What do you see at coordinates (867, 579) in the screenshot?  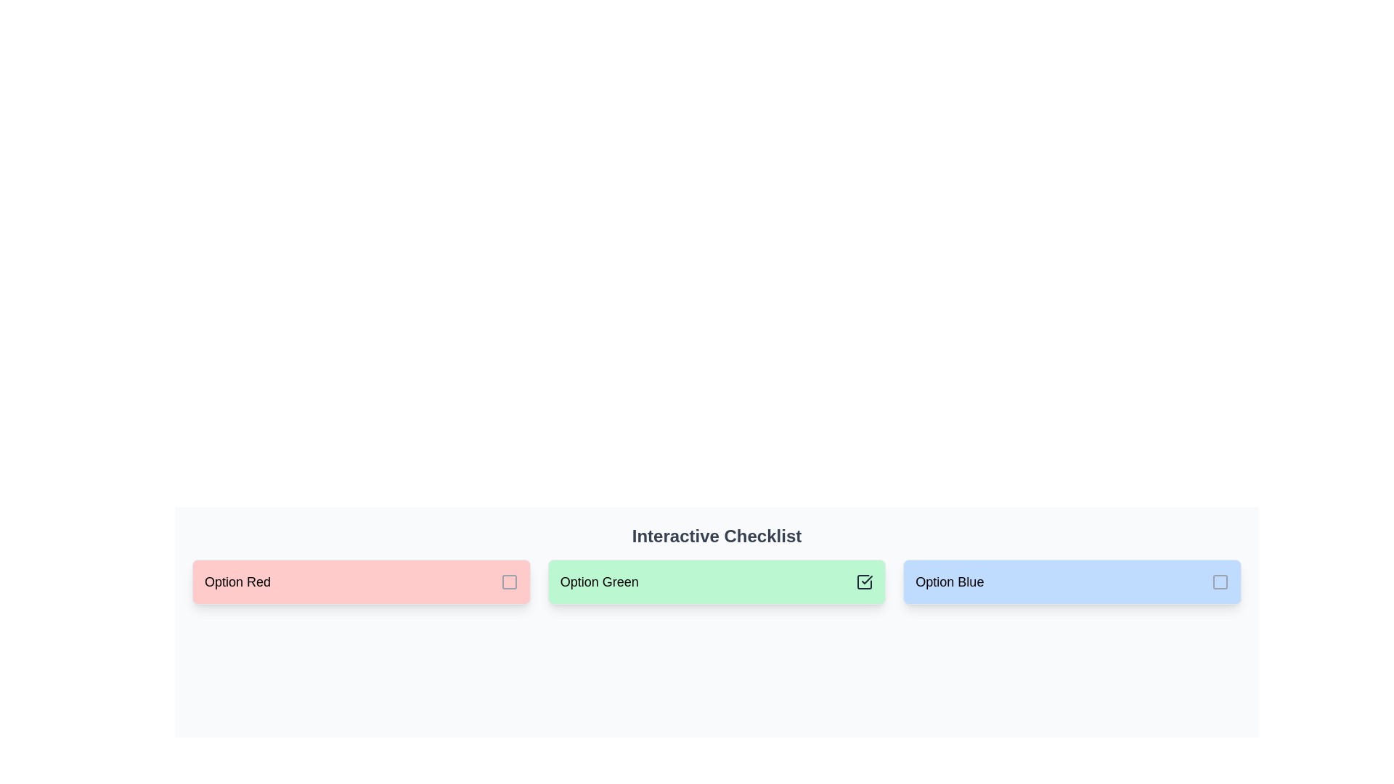 I see `the checkmark icon located within the green rectangular area labeled 'Option Green' to interact with it` at bounding box center [867, 579].